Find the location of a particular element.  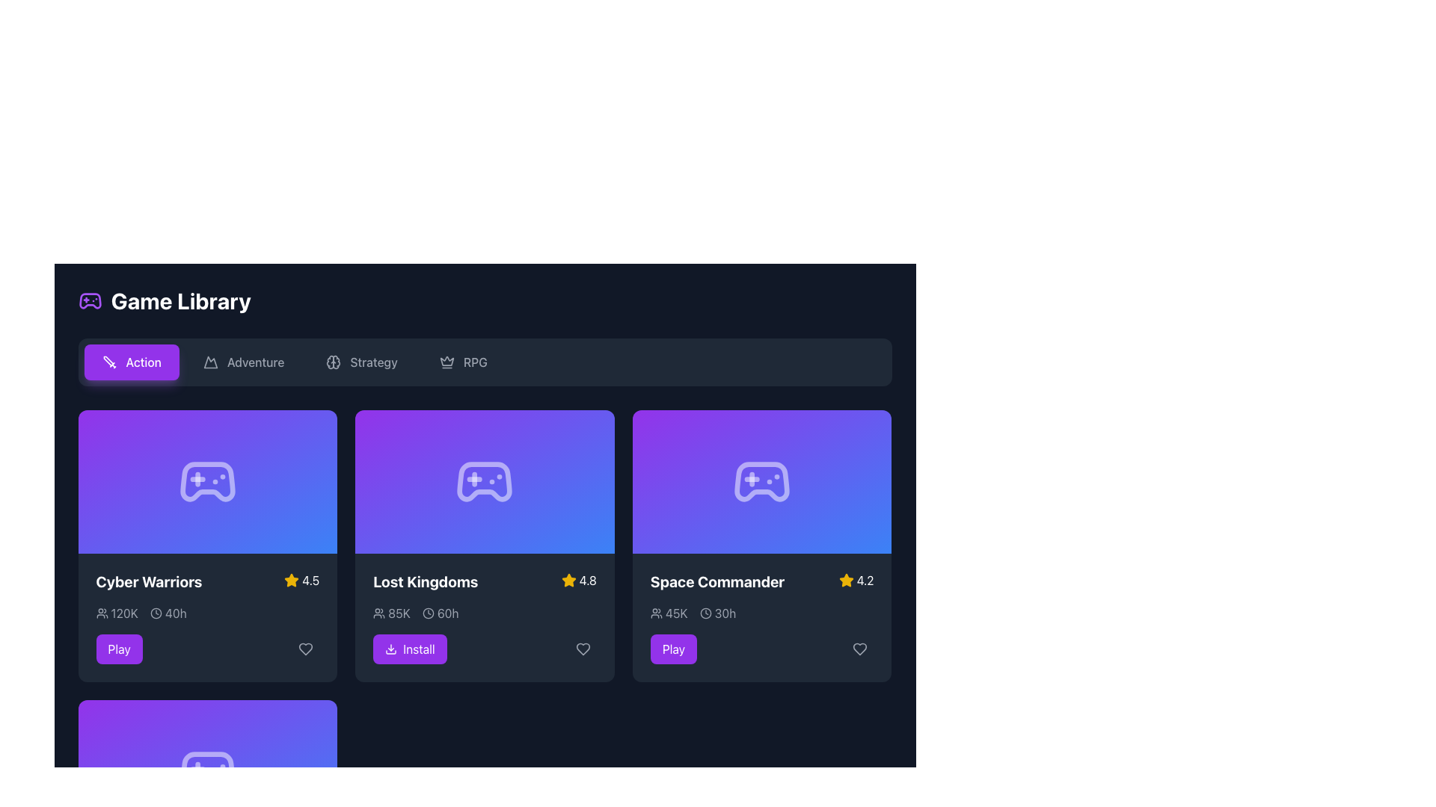

the text label displaying 'Space Commander' in bold white color, which is positioned at the top center of the third game card within the 'Game Library' section is located at coordinates (717, 581).